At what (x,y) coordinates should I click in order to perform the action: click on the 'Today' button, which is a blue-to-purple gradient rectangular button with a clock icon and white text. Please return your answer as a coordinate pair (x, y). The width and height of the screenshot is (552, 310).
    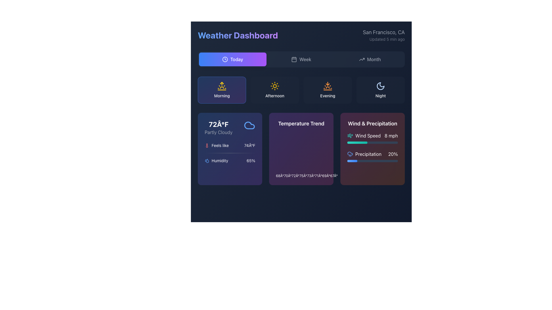
    Looking at the image, I should click on (233, 59).